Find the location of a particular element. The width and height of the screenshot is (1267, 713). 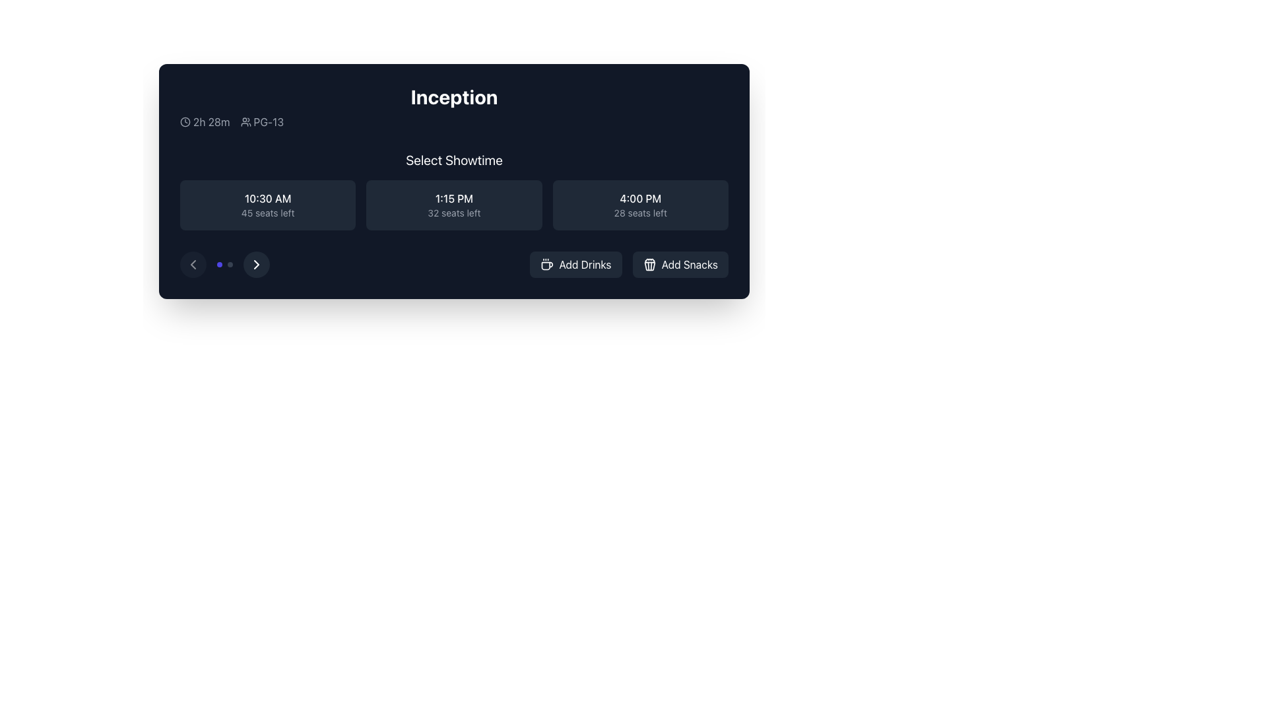

the age-based rating Label with Icon, which is the second inline item in the horizontal list at the top left of the content area, following the '2h 28m' text and clock icon is located at coordinates (262, 122).